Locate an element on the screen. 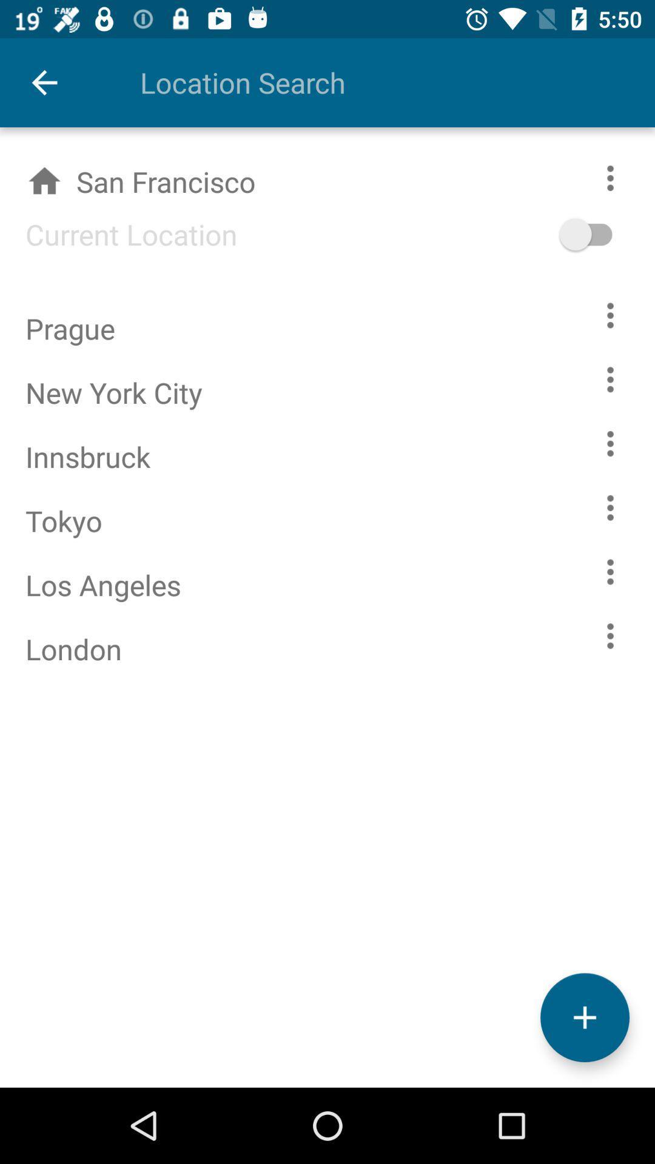 The height and width of the screenshot is (1164, 655). search location is located at coordinates (371, 82).